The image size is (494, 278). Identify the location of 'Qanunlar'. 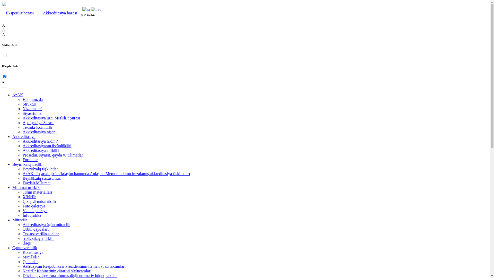
(30, 262).